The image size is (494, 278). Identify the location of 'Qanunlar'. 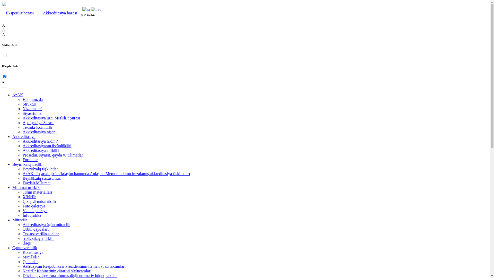
(30, 262).